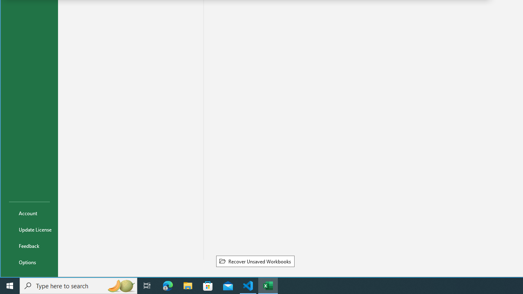 Image resolution: width=523 pixels, height=294 pixels. What do you see at coordinates (29, 262) in the screenshot?
I see `'Options'` at bounding box center [29, 262].